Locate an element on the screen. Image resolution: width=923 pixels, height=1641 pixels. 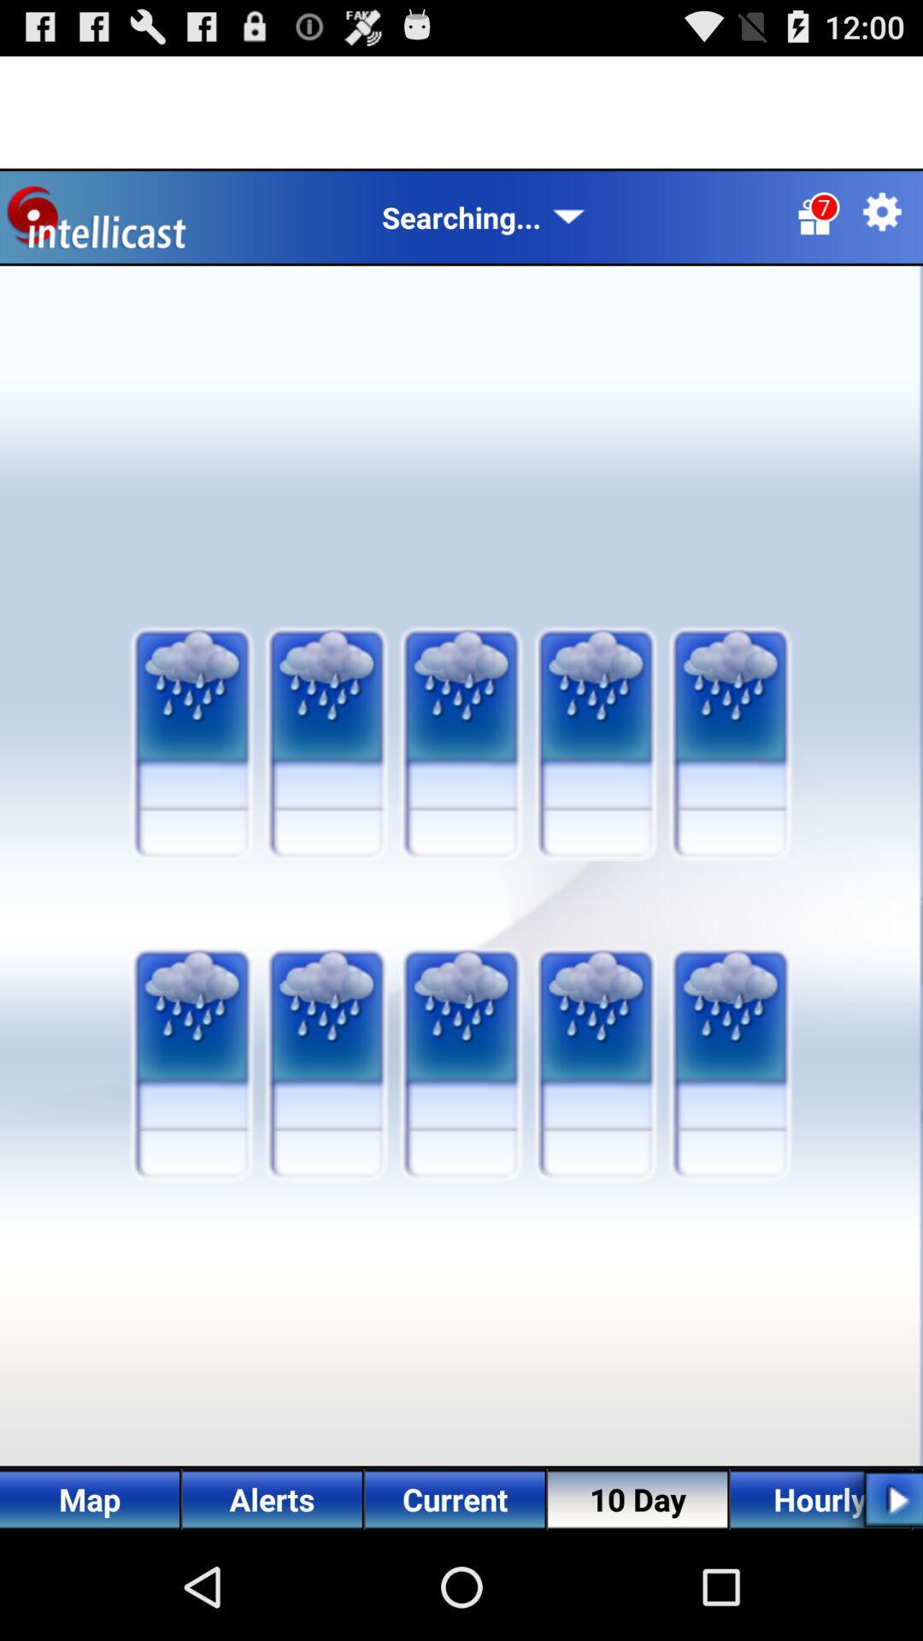
the settings icon is located at coordinates (882, 226).